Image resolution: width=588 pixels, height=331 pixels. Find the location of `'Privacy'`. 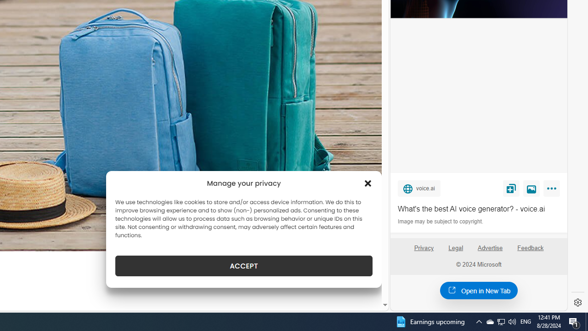

'Privacy' is located at coordinates (423, 247).